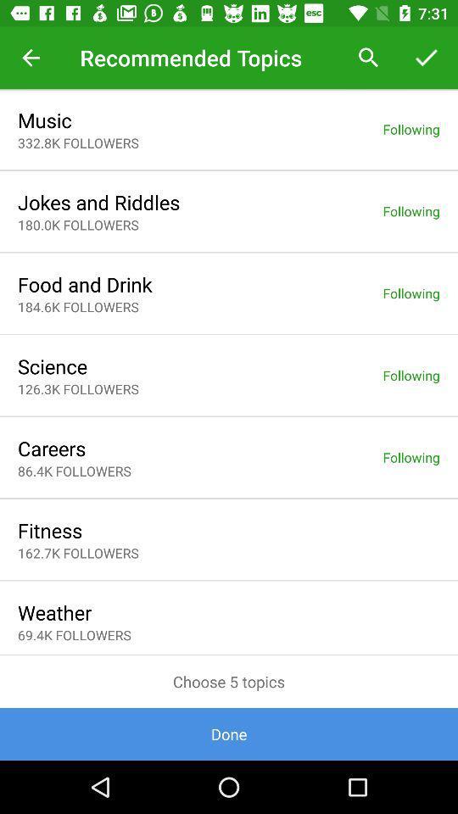  I want to click on the item to the left of recommended topics item, so click(31, 58).